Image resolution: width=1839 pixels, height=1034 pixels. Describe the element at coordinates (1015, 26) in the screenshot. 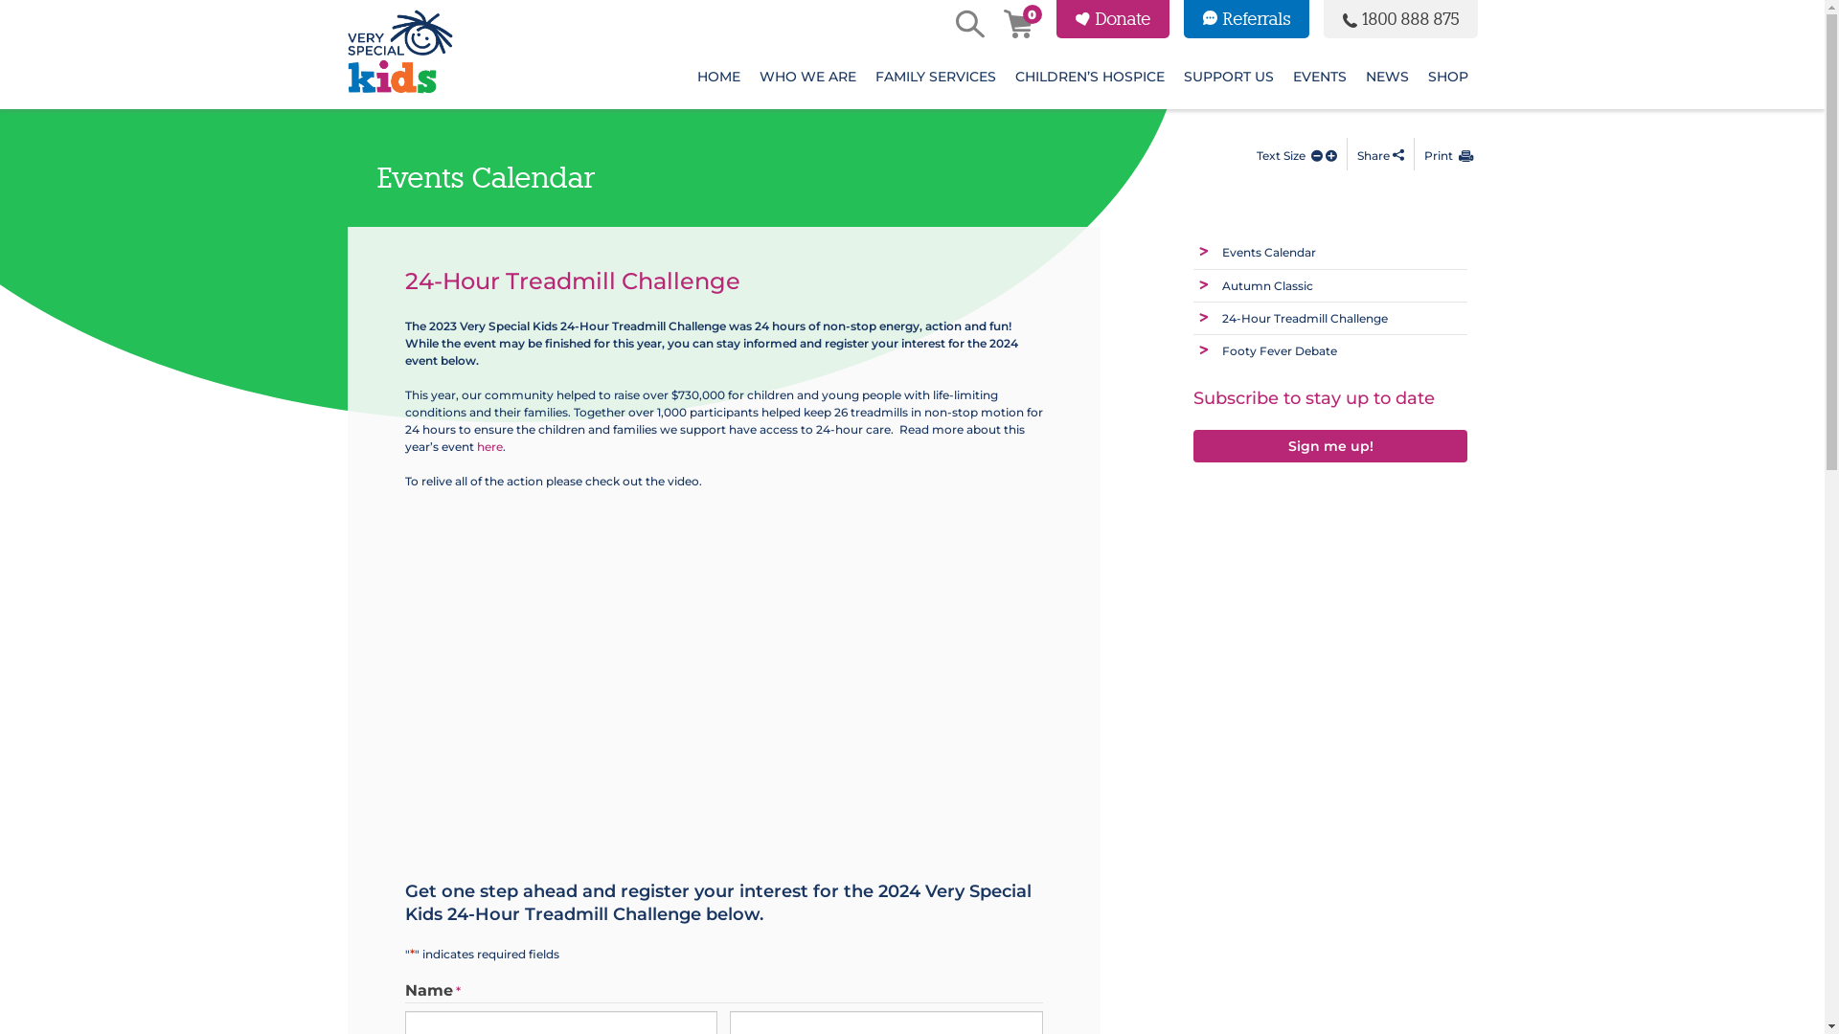

I see `'0'` at that location.